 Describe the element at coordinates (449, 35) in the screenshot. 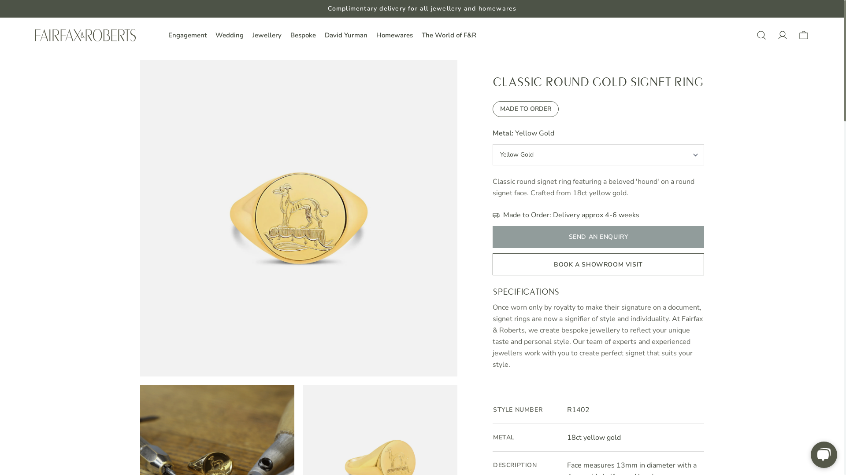

I see `'The World of F&R'` at that location.